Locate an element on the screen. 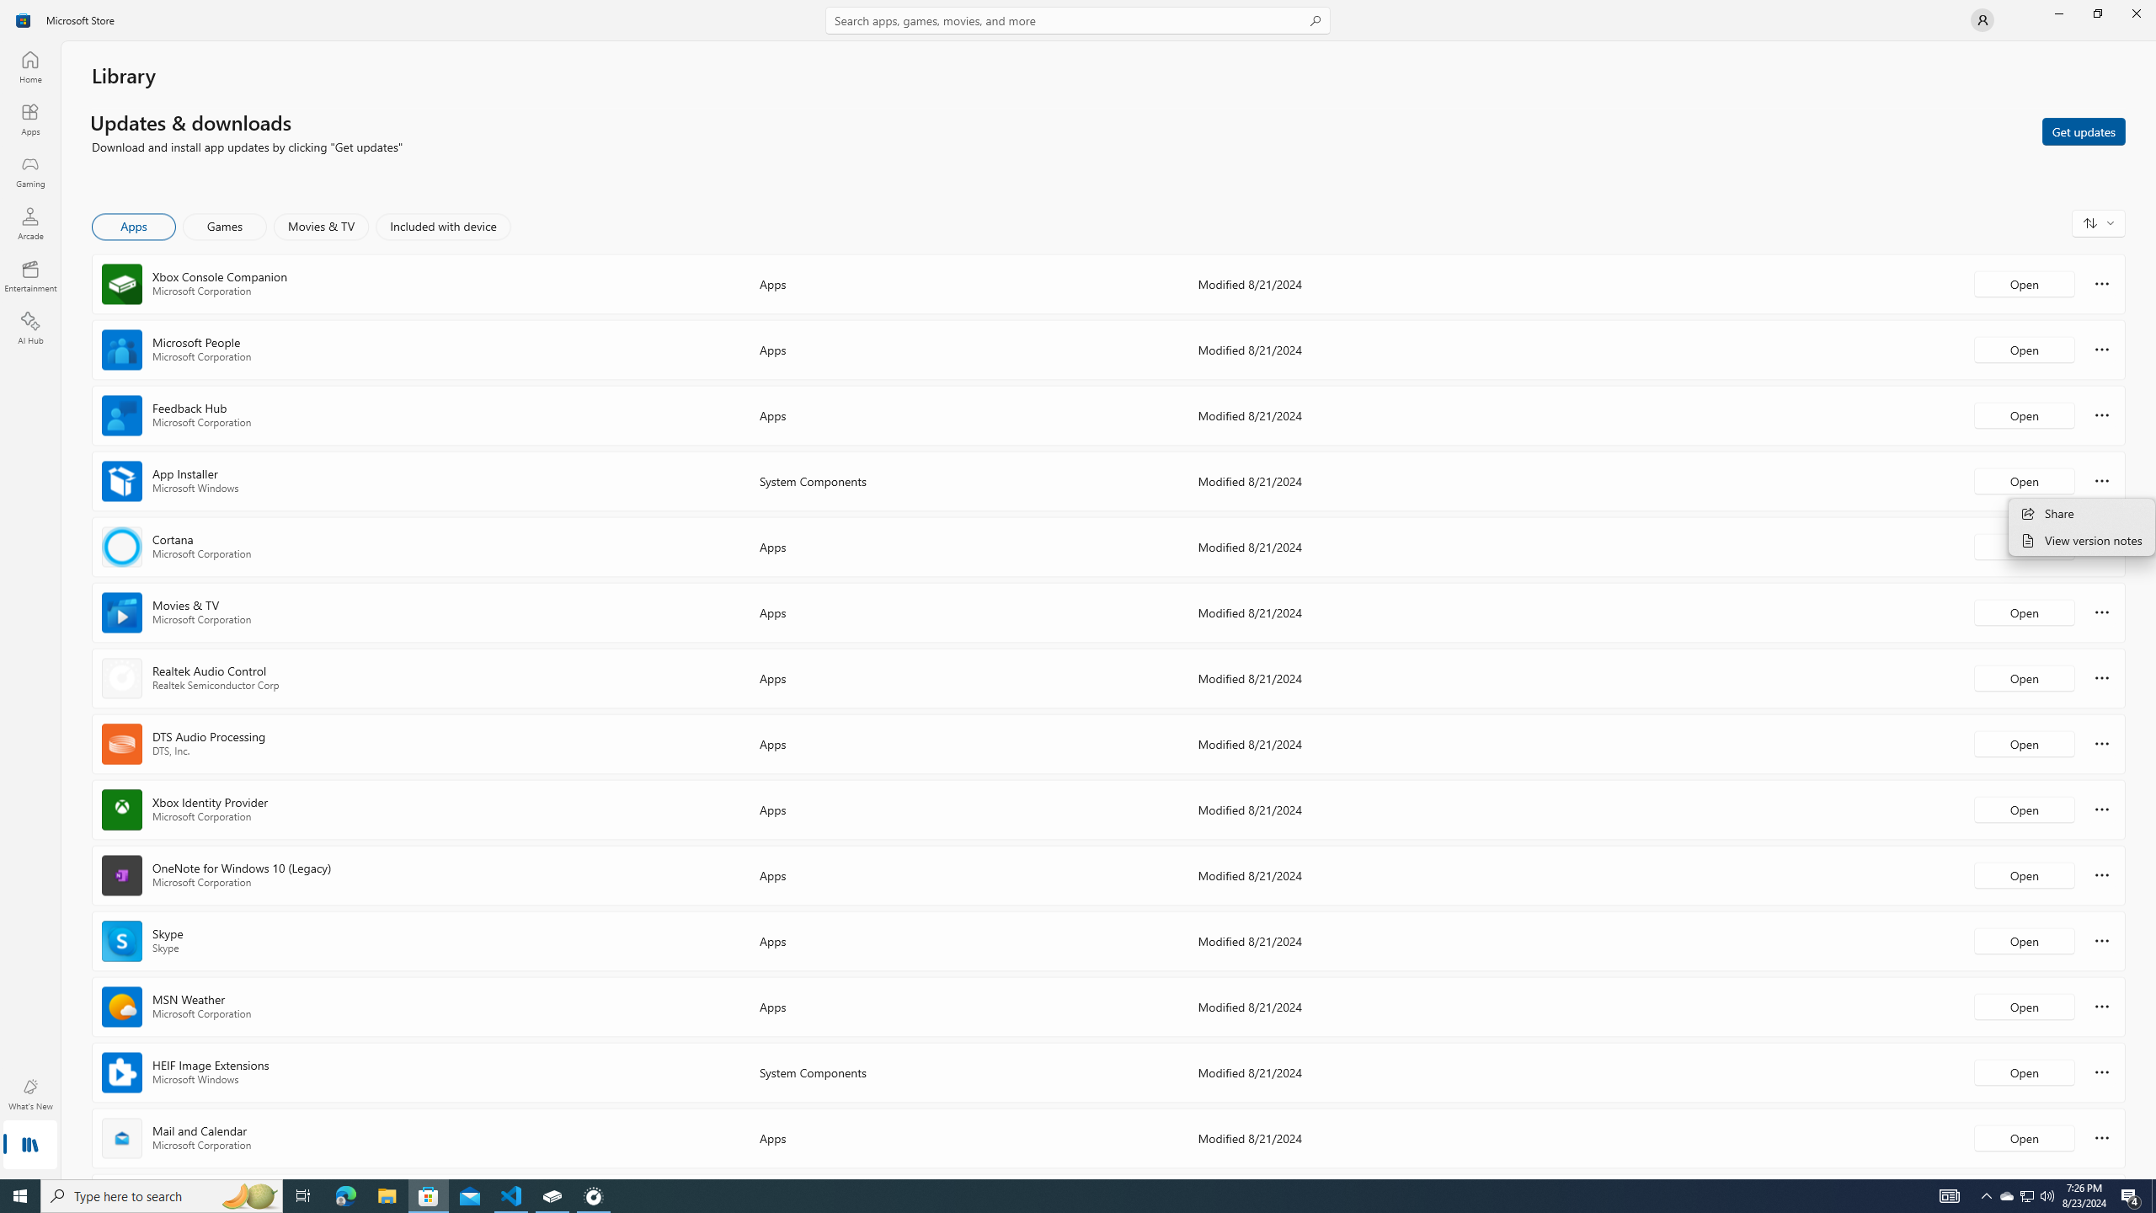 This screenshot has height=1213, width=2156. 'Sort and filter' is located at coordinates (2098, 222).